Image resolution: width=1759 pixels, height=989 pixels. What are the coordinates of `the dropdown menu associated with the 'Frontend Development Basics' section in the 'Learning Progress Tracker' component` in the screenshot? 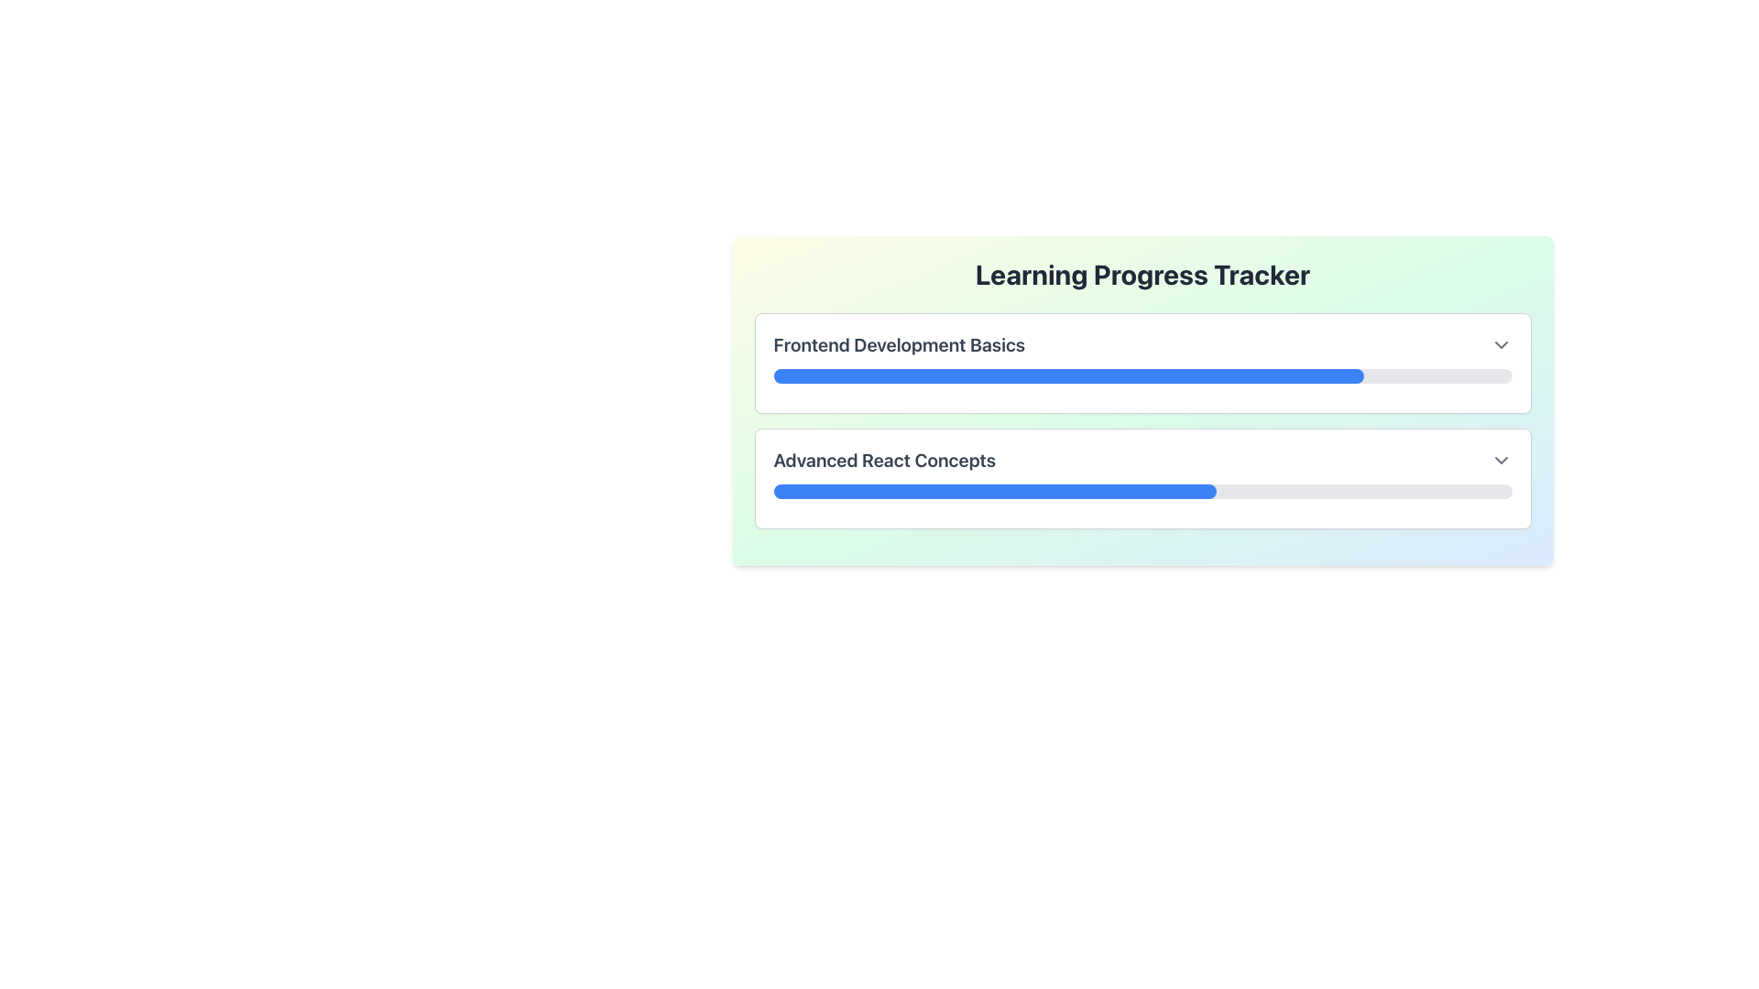 It's located at (1142, 400).